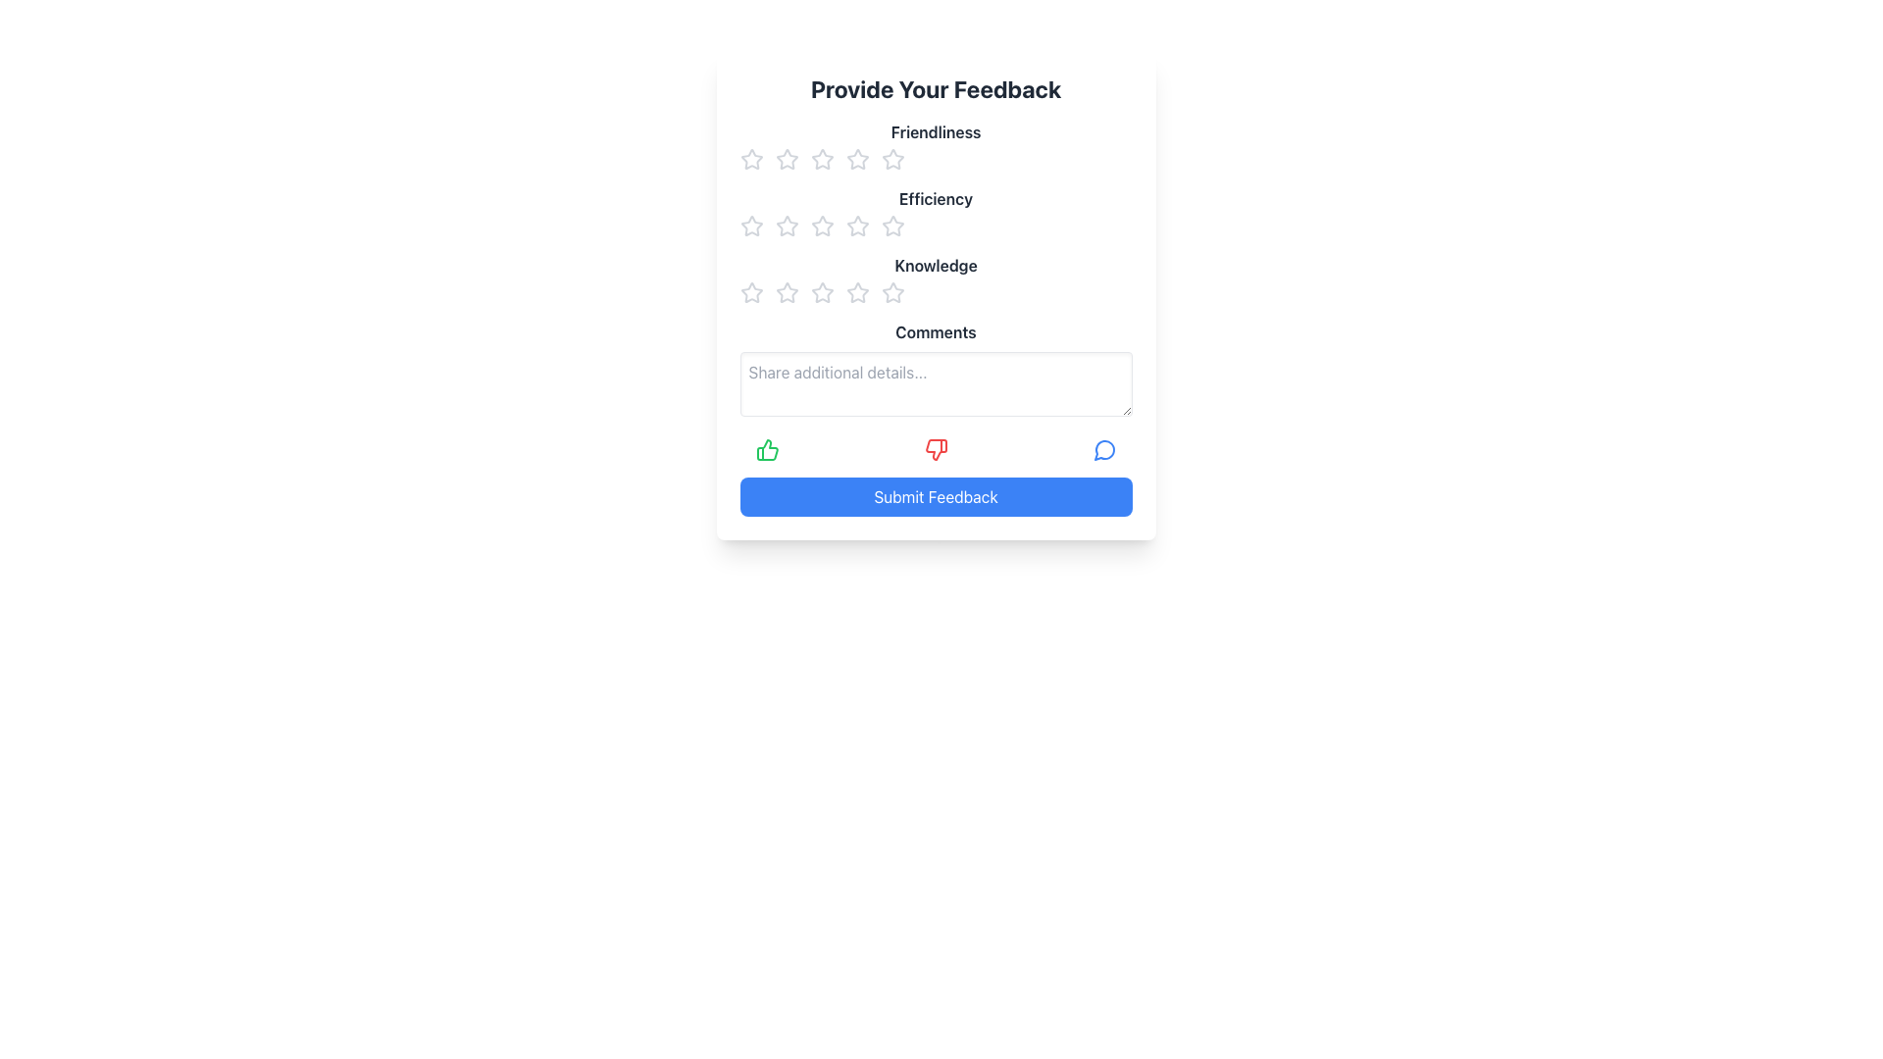  What do you see at coordinates (935, 158) in the screenshot?
I see `the first row of star icons` at bounding box center [935, 158].